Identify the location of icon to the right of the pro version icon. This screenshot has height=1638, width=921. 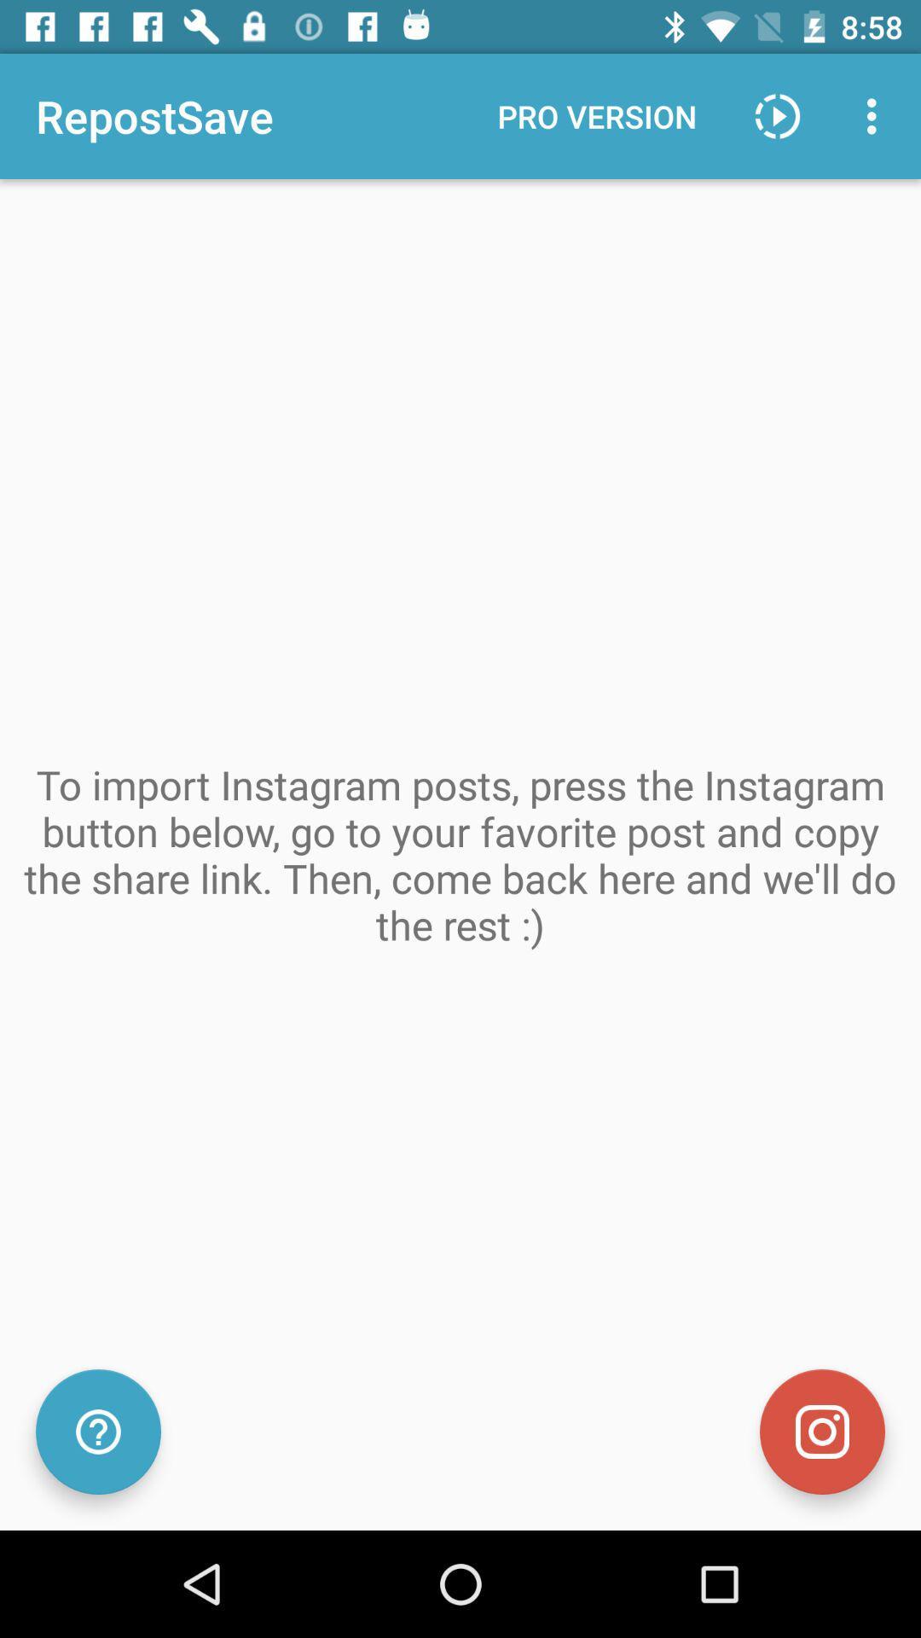
(777, 115).